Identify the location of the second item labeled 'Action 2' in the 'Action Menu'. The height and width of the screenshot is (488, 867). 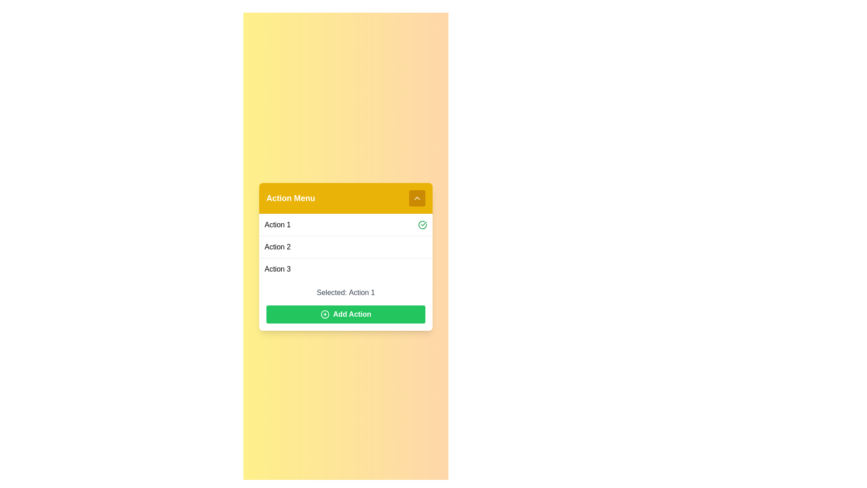
(345, 247).